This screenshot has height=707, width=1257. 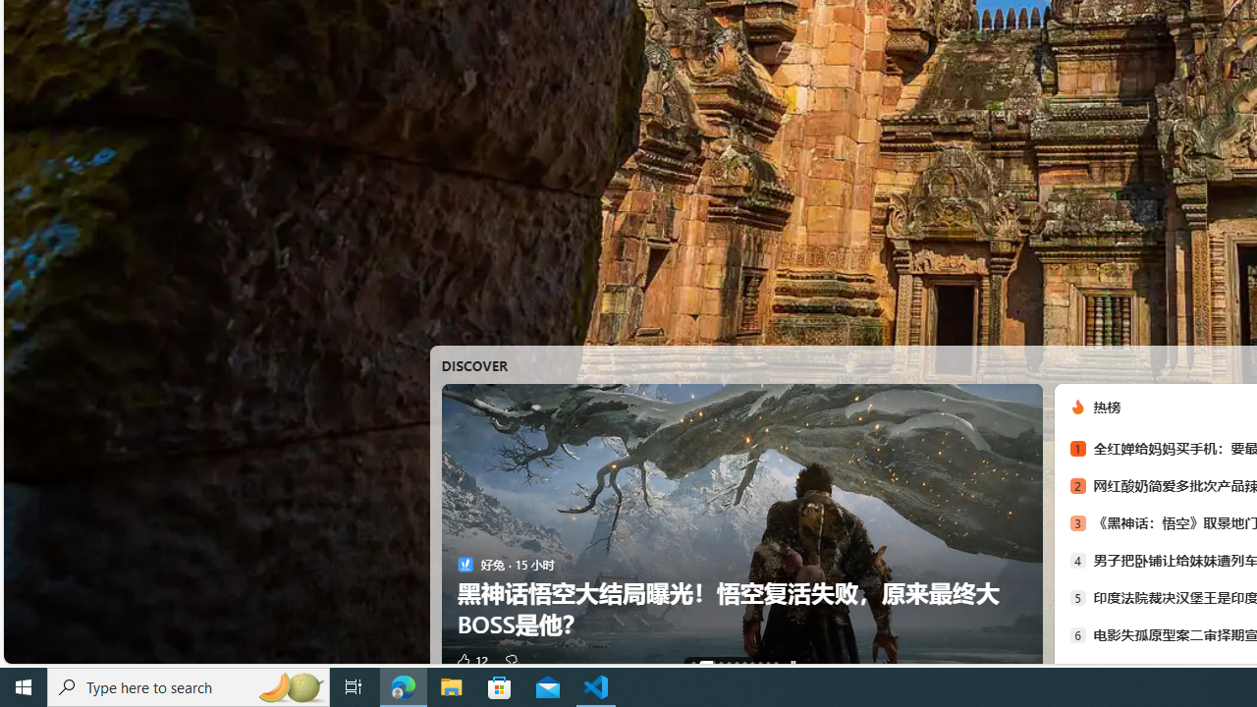 I want to click on 'AutomationID: tab-7', so click(x=759, y=663).